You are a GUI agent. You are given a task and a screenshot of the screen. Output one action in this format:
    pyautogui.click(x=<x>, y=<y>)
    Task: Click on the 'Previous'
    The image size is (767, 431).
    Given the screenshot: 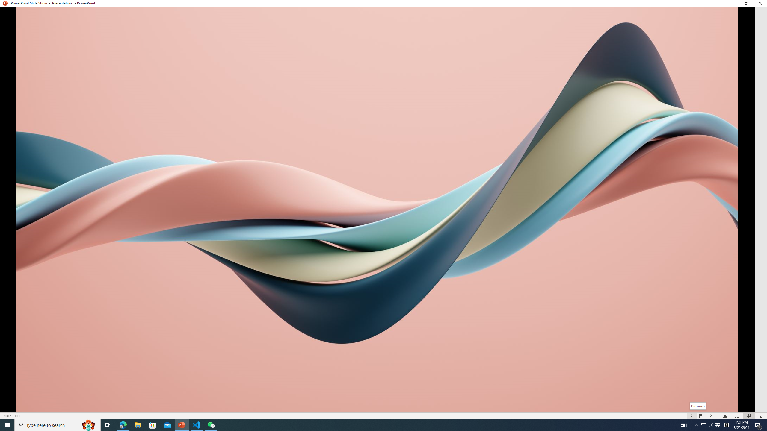 What is the action you would take?
    pyautogui.click(x=697, y=406)
    